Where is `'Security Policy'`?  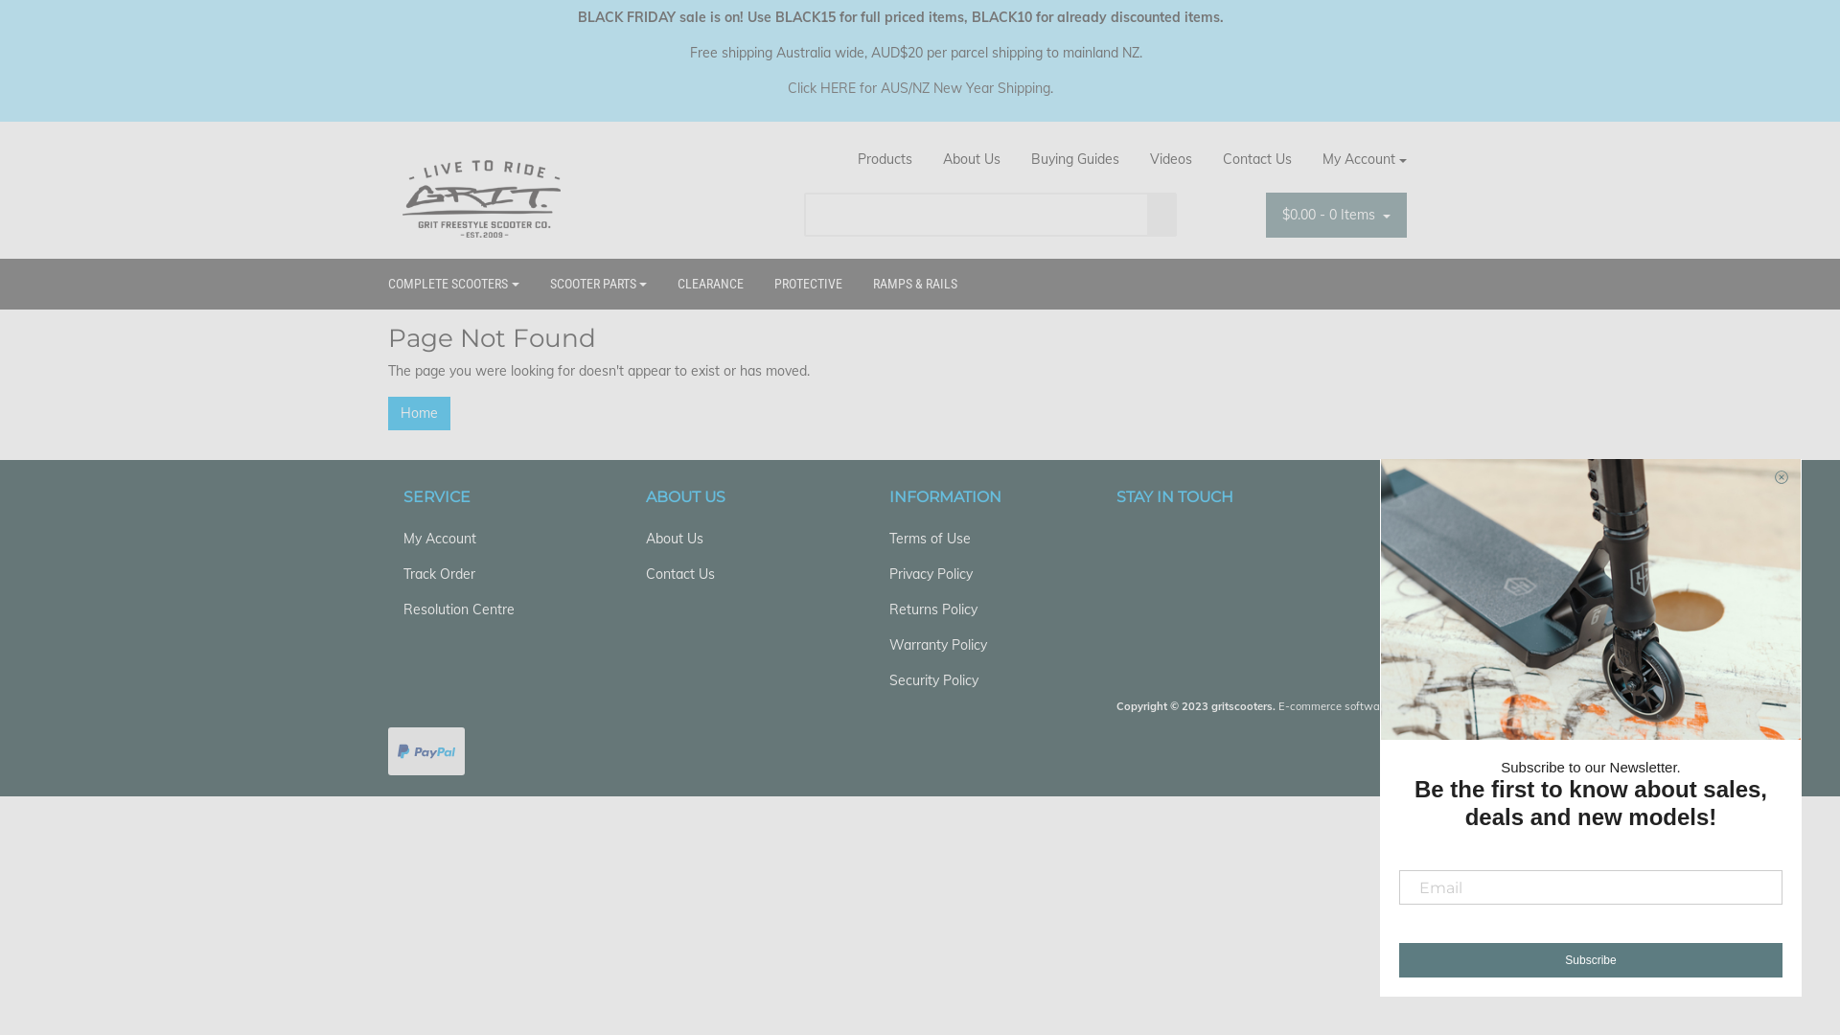 'Security Policy' is located at coordinates (980, 679).